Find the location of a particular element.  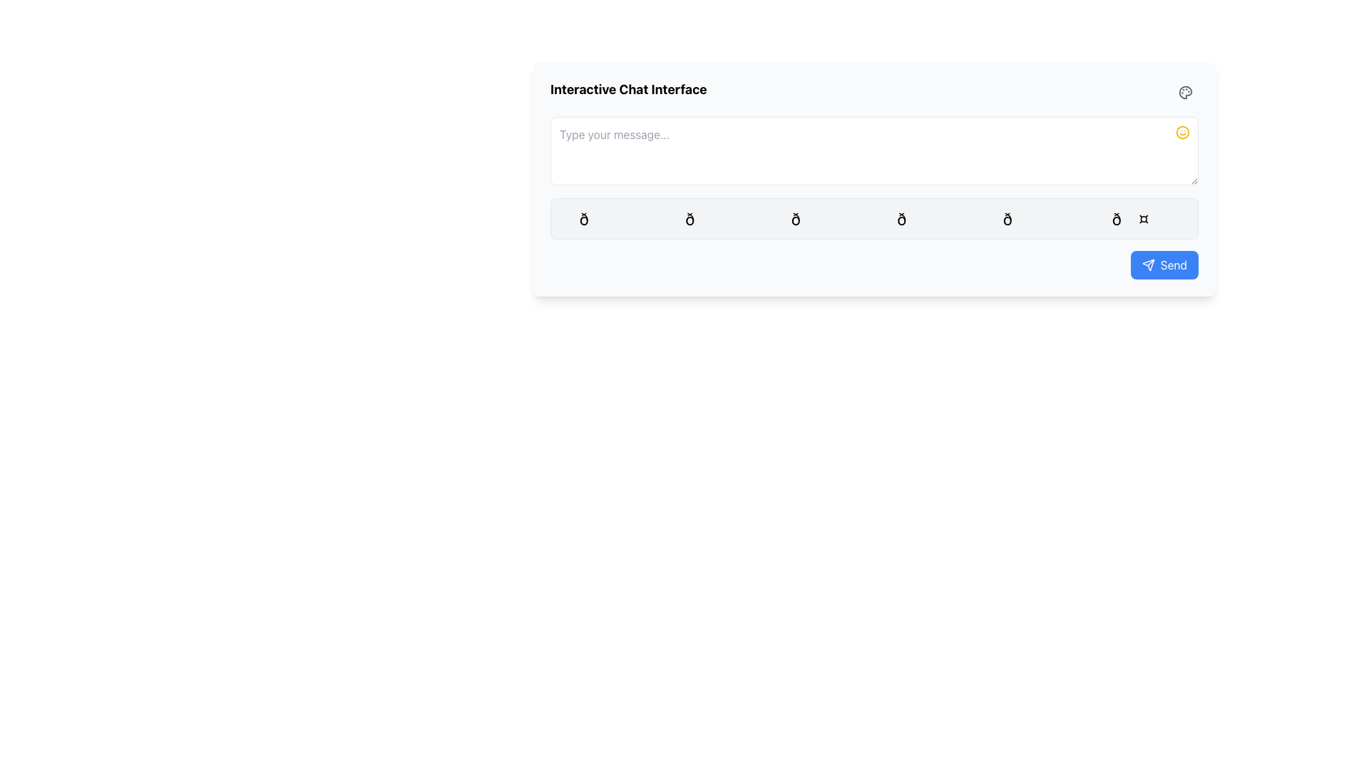

the fourth Interactive Emoji Icon from the emoji grid for possible rearrangement is located at coordinates (927, 219).